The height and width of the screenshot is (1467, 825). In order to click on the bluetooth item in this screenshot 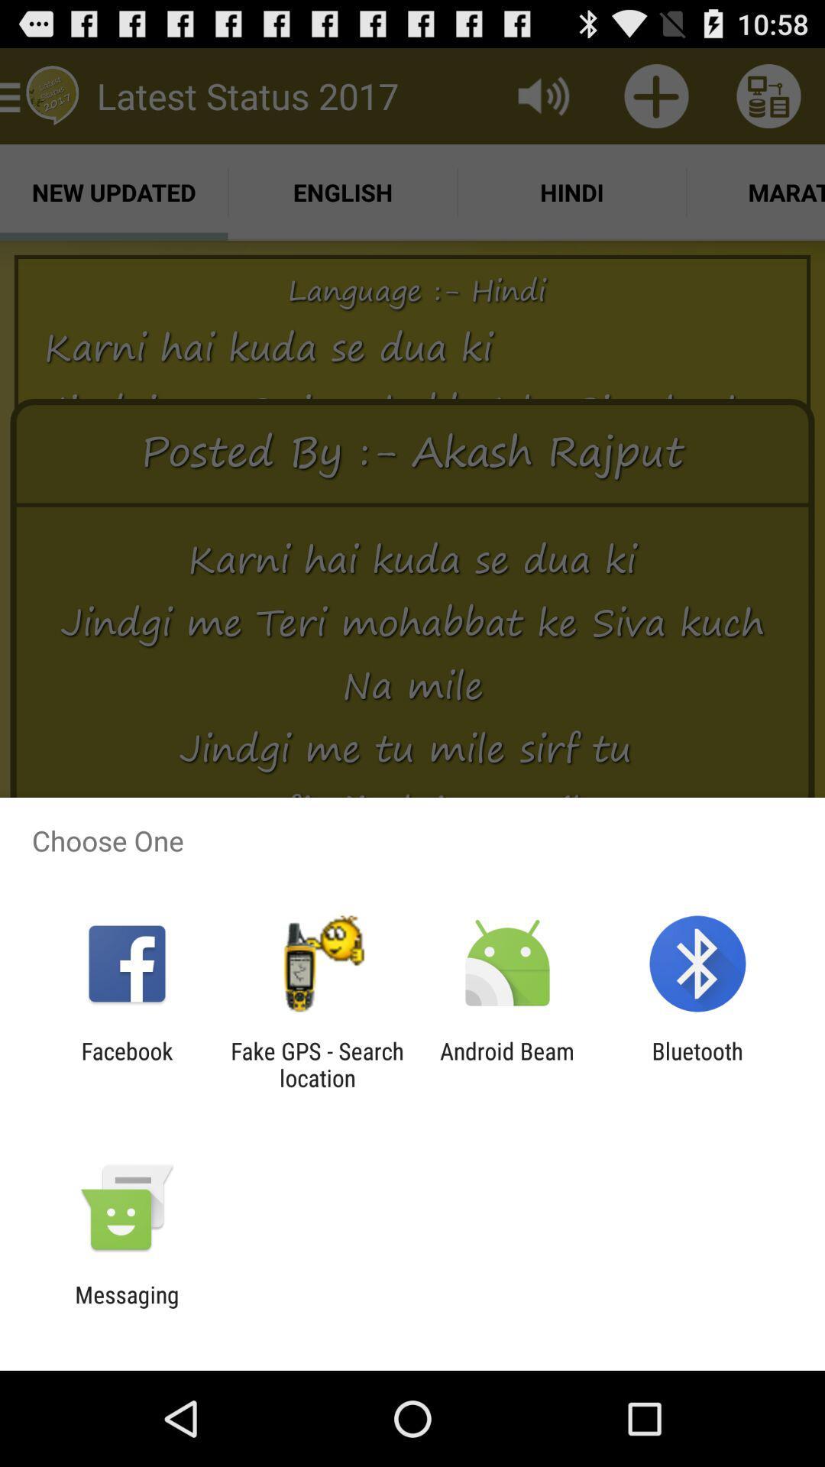, I will do `click(697, 1064)`.